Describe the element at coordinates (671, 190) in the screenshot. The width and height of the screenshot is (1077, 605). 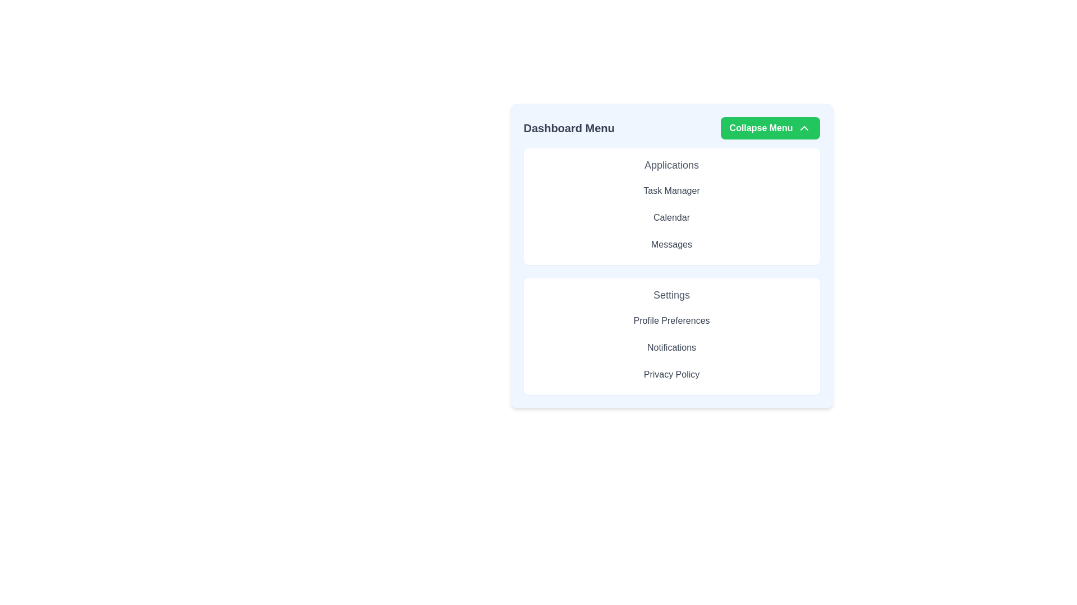
I see `the 'Task Manager' menu item` at that location.